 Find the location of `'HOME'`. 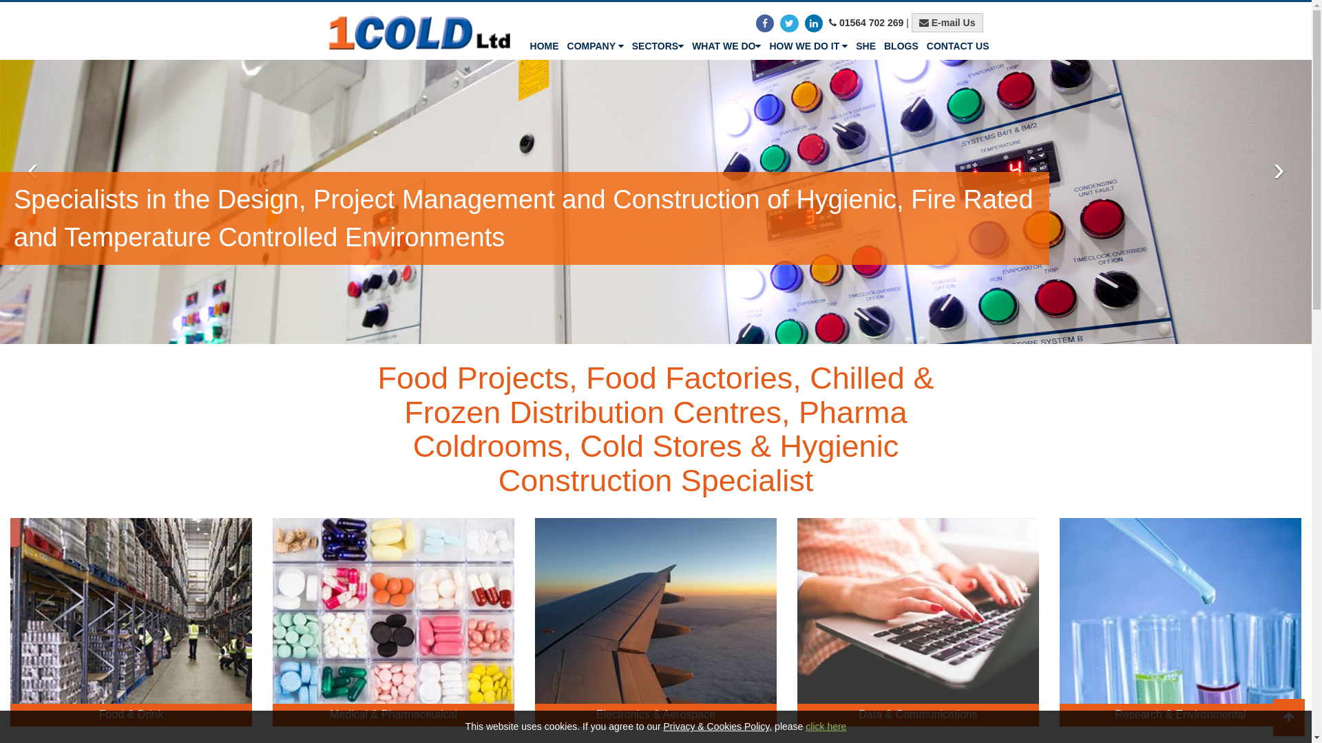

'HOME' is located at coordinates (544, 45).